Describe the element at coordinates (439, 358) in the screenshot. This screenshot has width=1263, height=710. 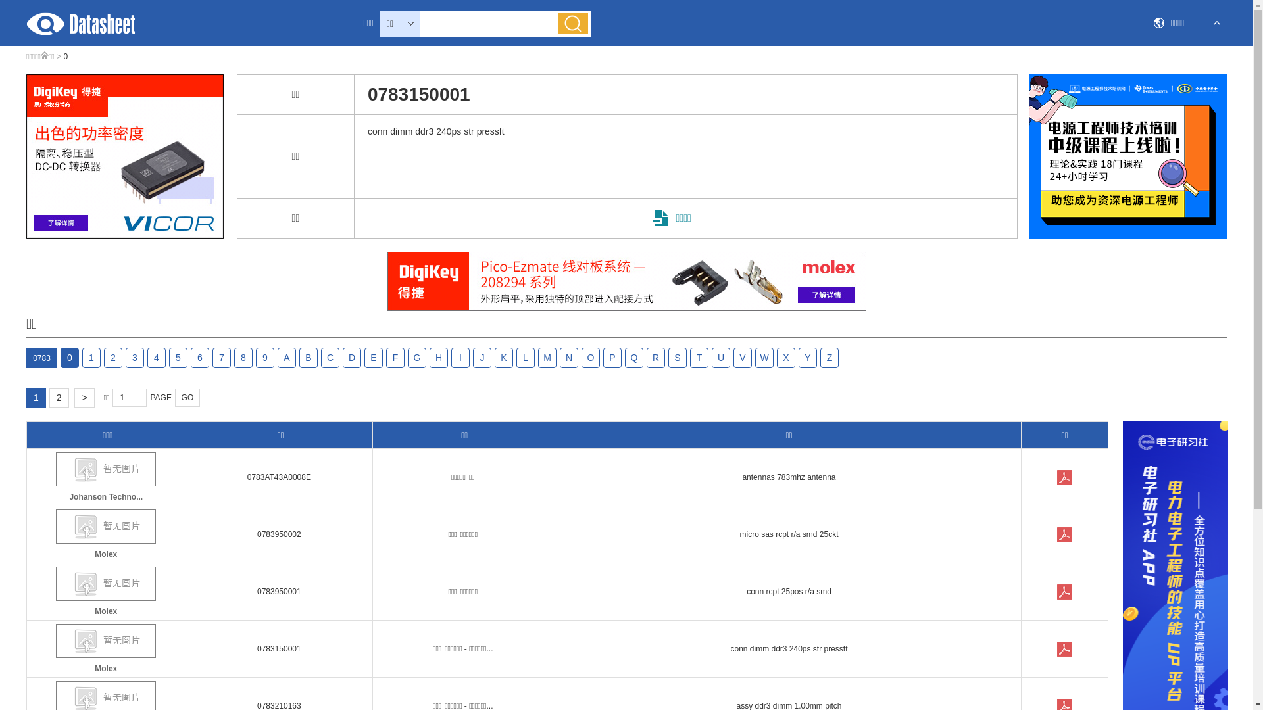
I see `'H'` at that location.